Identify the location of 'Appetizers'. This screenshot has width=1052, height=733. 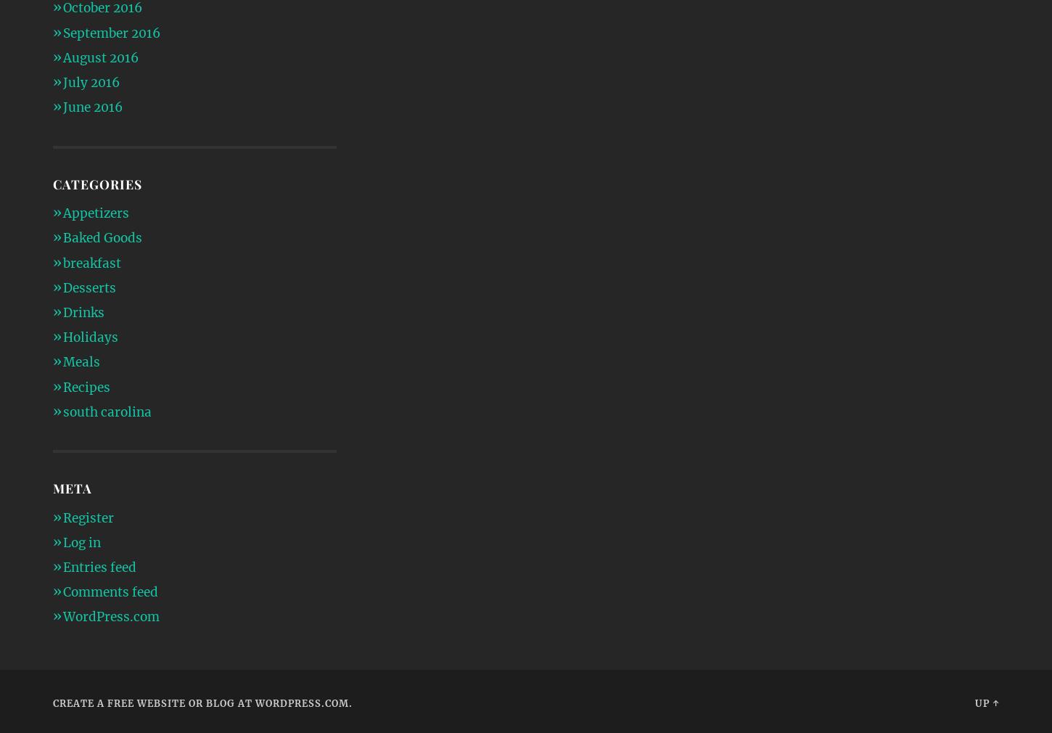
(94, 213).